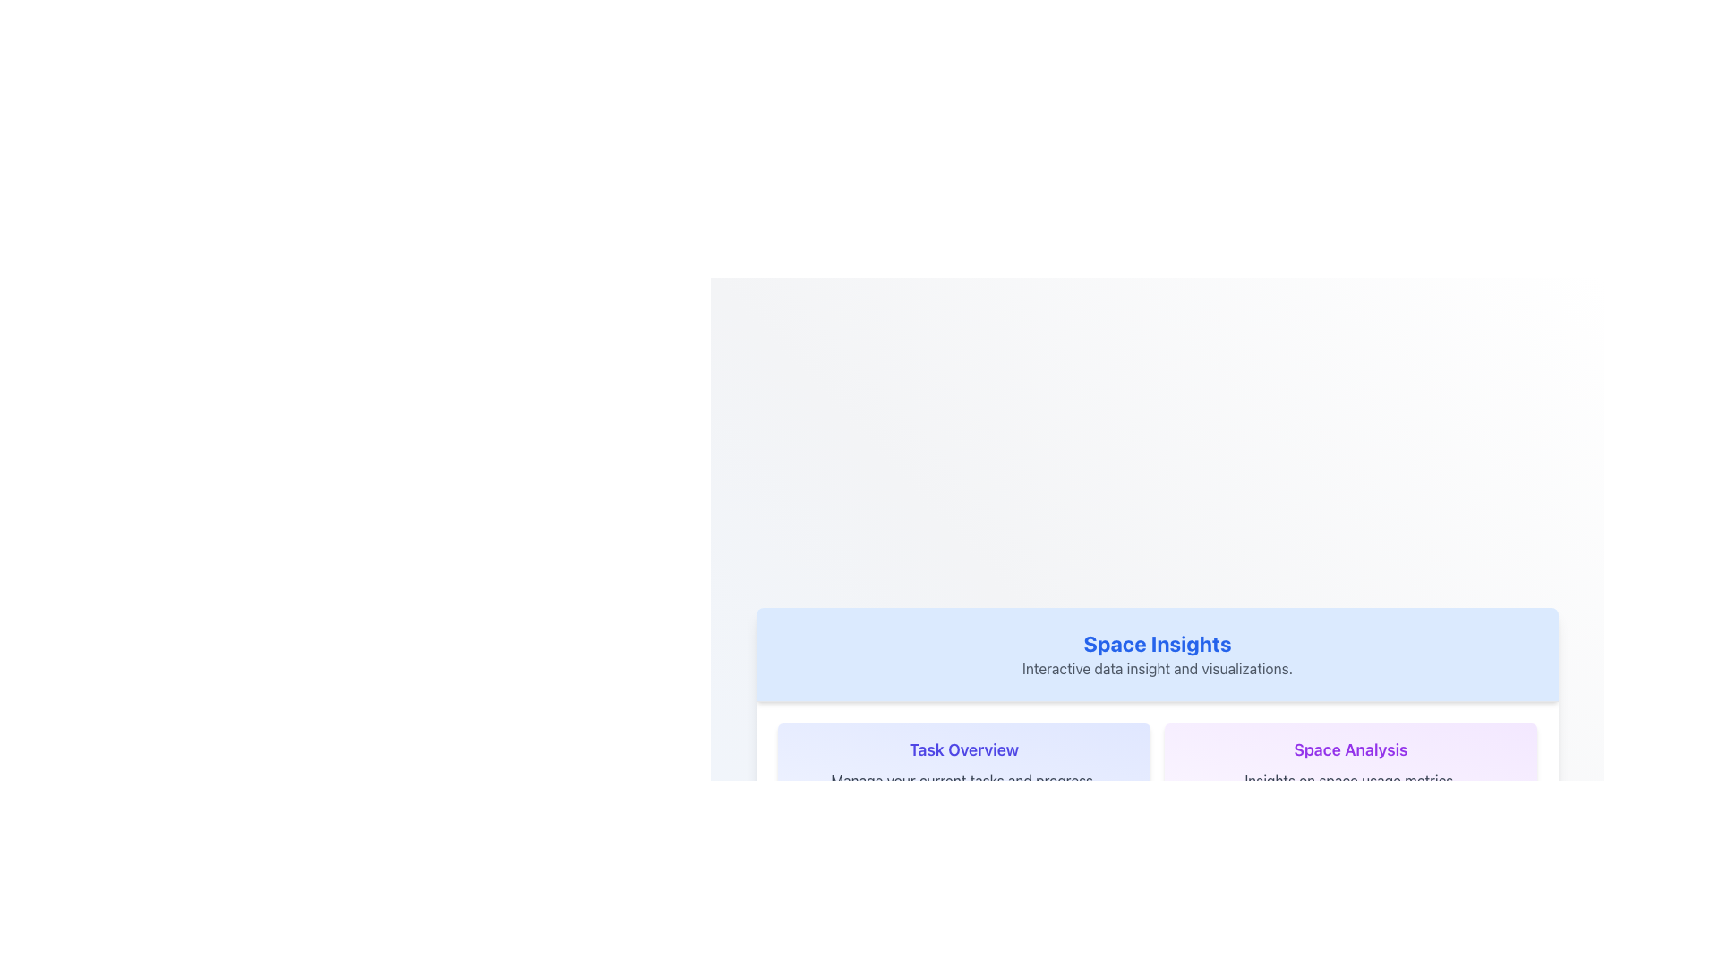 The height and width of the screenshot is (967, 1719). I want to click on information displayed in the Informational panel titled 'Space Insights', which contains interactive data insight and visualizations, so click(1157, 655).